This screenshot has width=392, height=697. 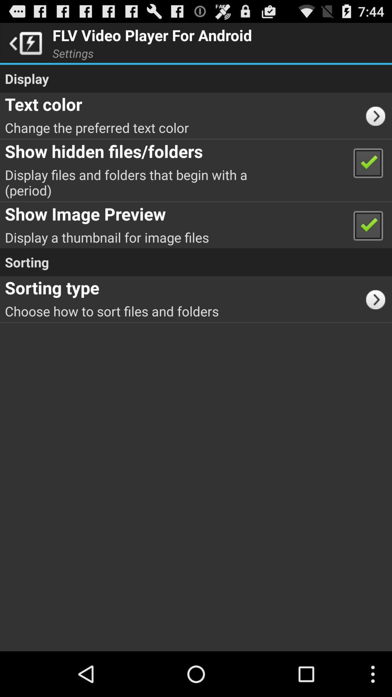 What do you see at coordinates (378, 123) in the screenshot?
I see `the arrow_forward icon` at bounding box center [378, 123].